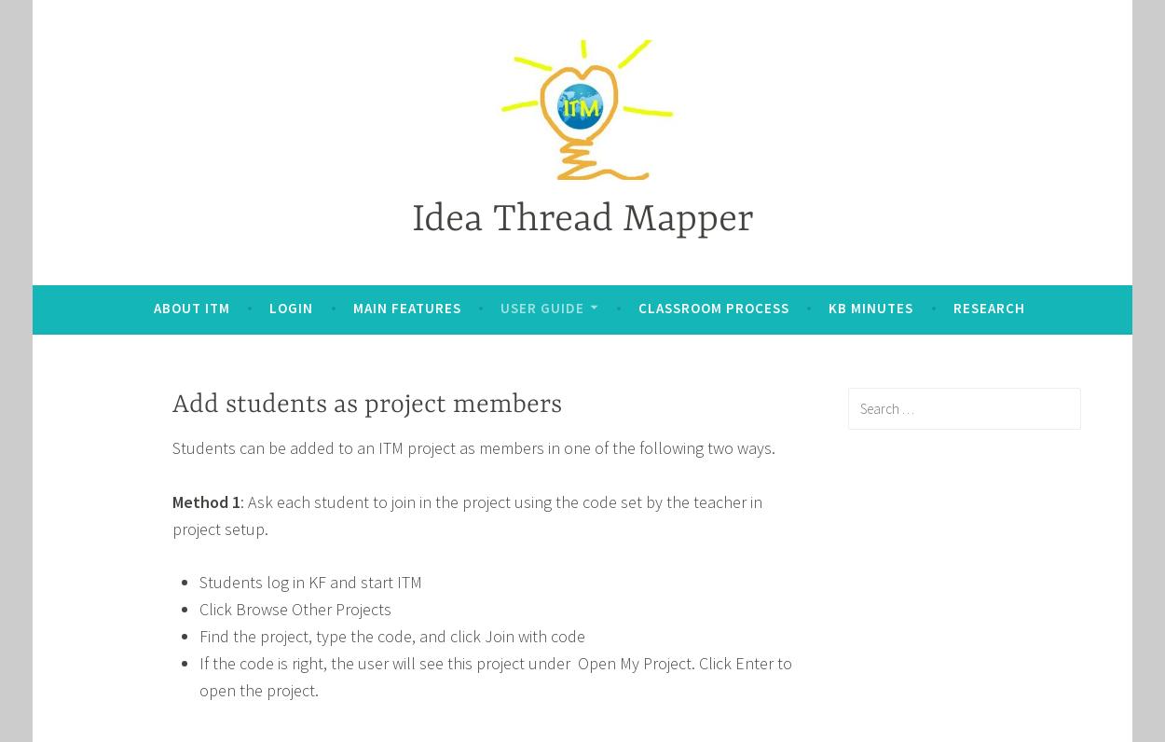  Describe the element at coordinates (391, 634) in the screenshot. I see `'Find the project, type the code, and click Join with code'` at that location.